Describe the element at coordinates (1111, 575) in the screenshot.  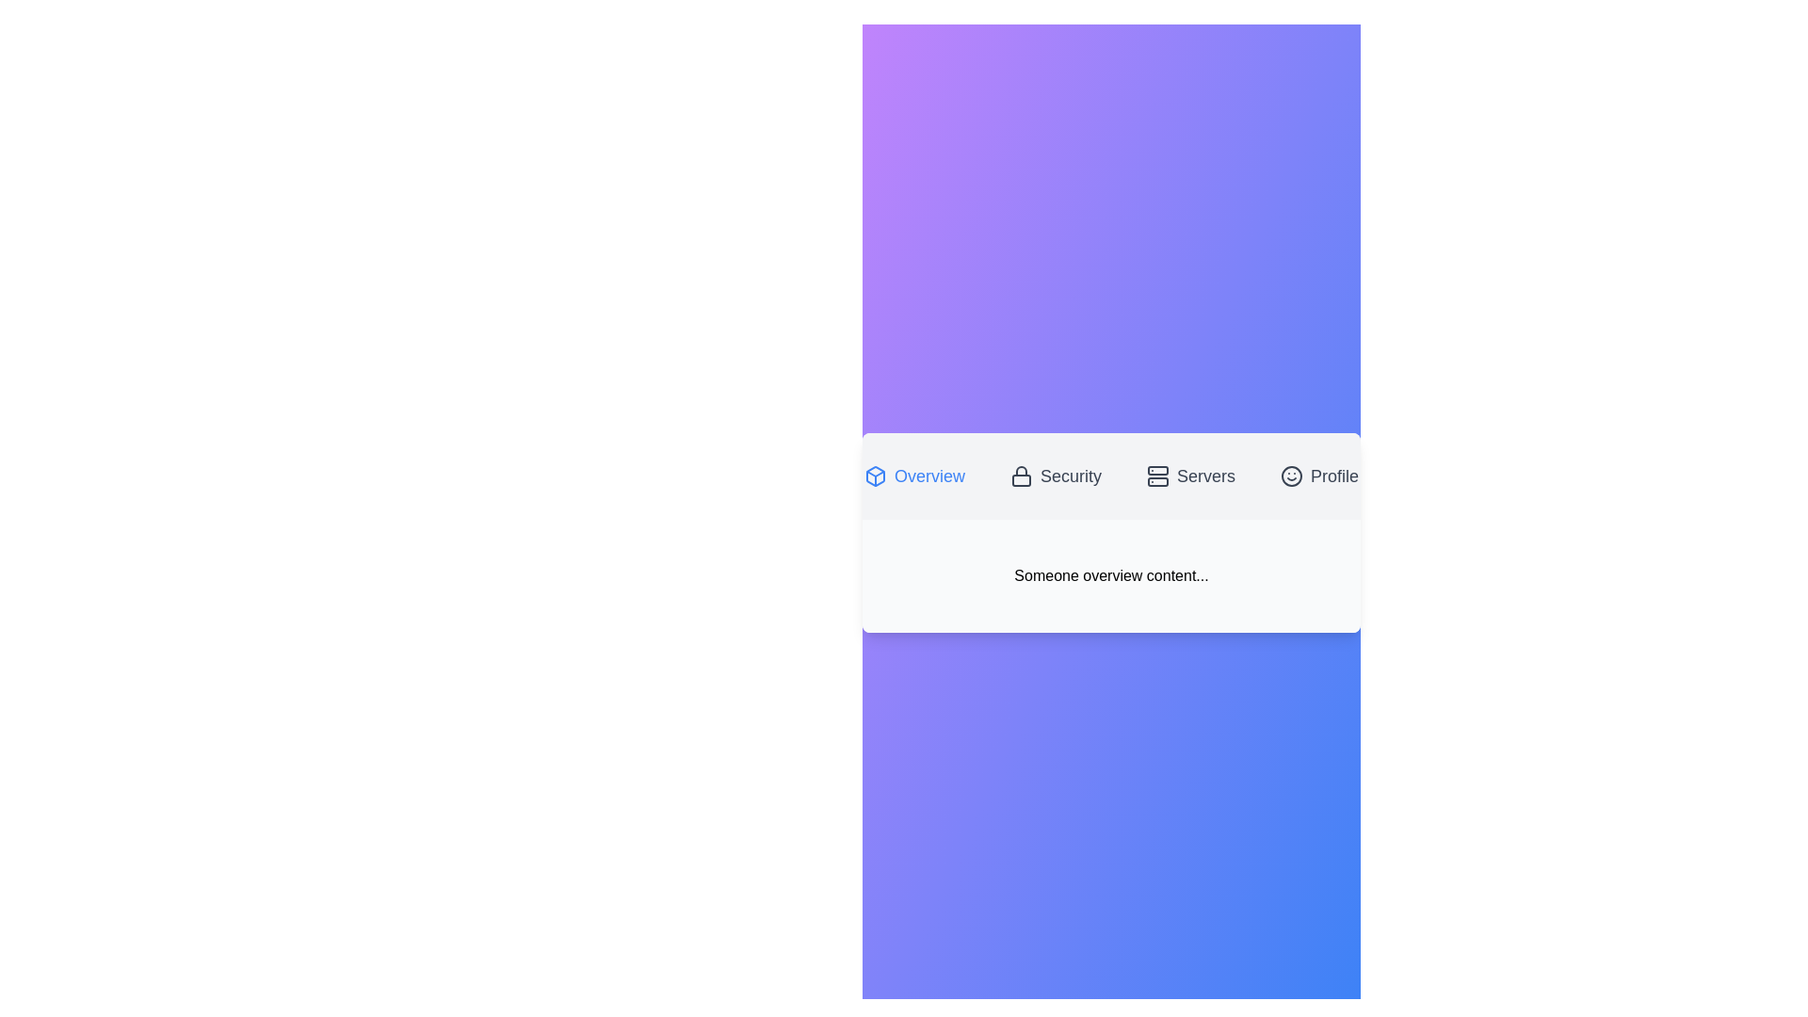
I see `the text display containing 'Someone overview content...' which is positioned below the navigation bar and has a white background` at that location.